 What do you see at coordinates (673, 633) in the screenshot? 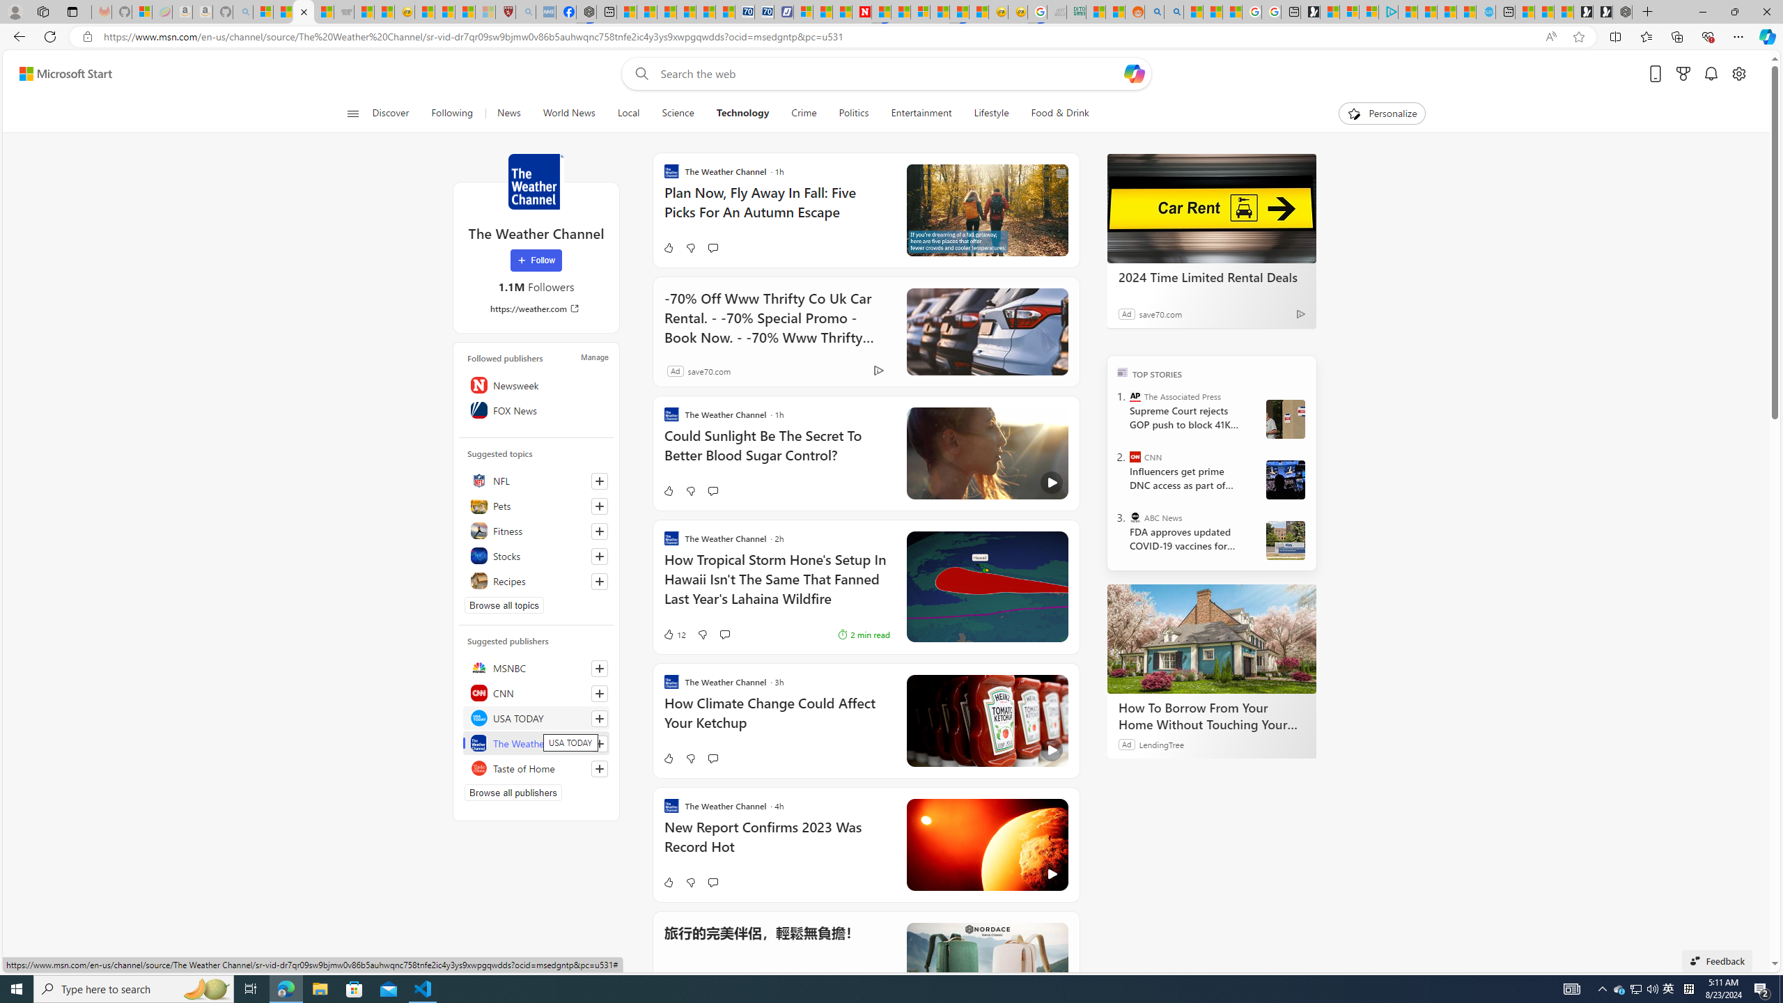
I see `'12 Like'` at bounding box center [673, 633].